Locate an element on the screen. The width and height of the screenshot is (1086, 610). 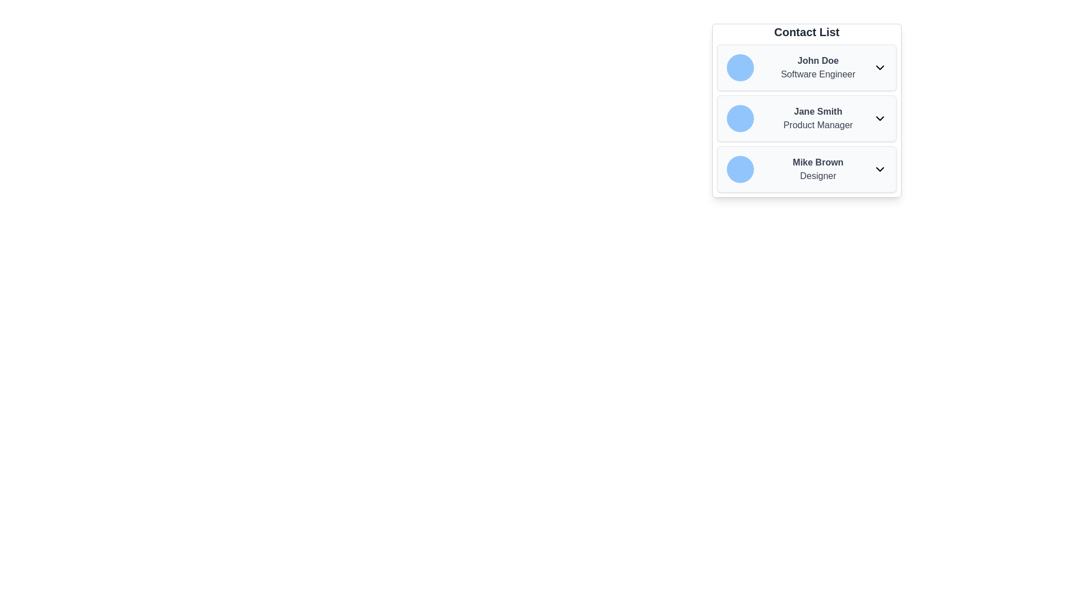
the contact entry for 'Mike Brown', which has a blue circular avatar on the left and a downward-pointing arrow icon on the right is located at coordinates (806, 169).